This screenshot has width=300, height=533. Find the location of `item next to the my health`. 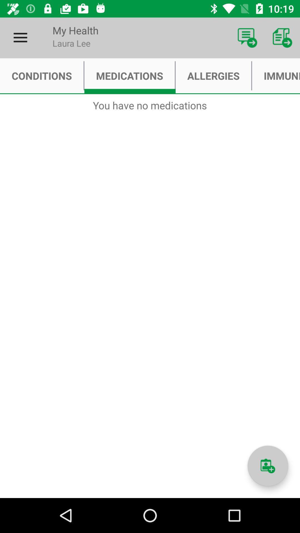

item next to the my health is located at coordinates (247, 37).